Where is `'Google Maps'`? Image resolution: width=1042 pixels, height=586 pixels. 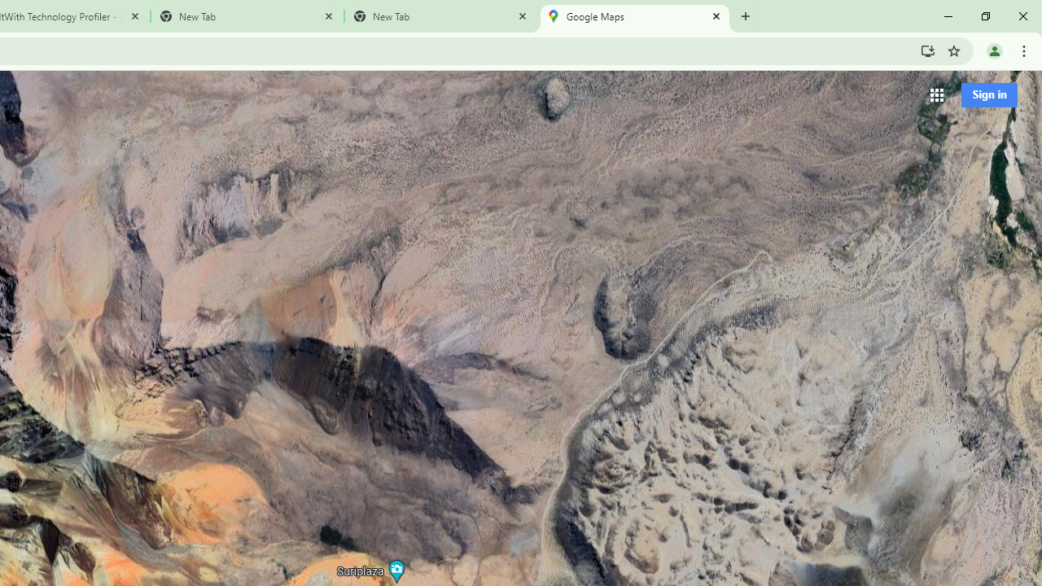
'Google Maps' is located at coordinates (633, 16).